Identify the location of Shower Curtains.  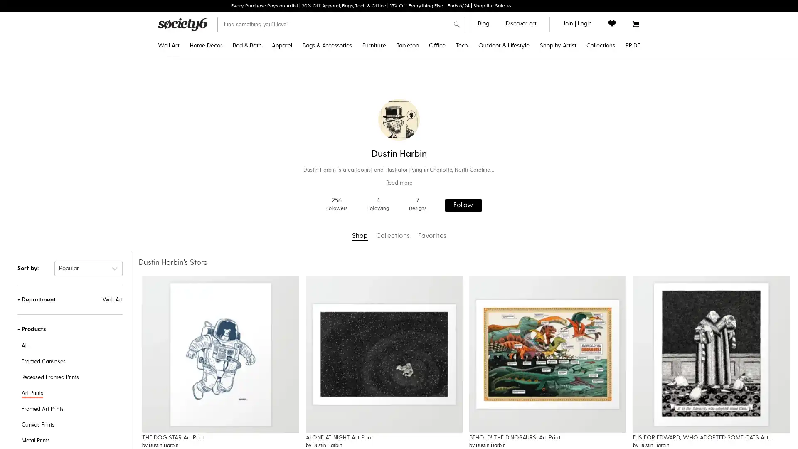
(265, 106).